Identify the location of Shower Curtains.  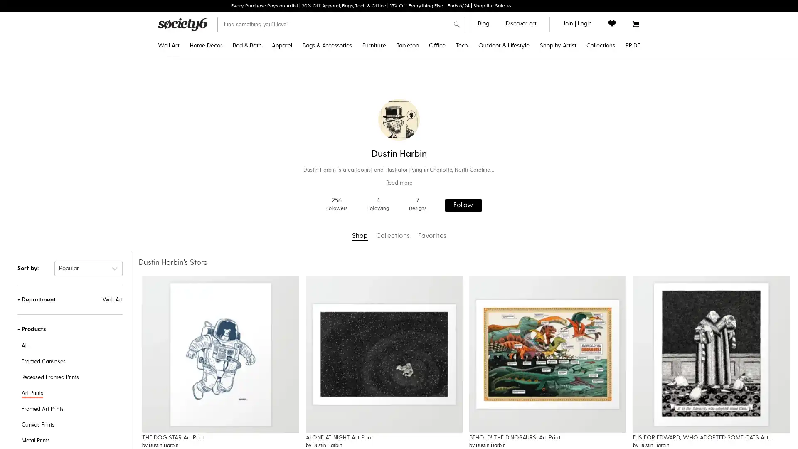
(265, 106).